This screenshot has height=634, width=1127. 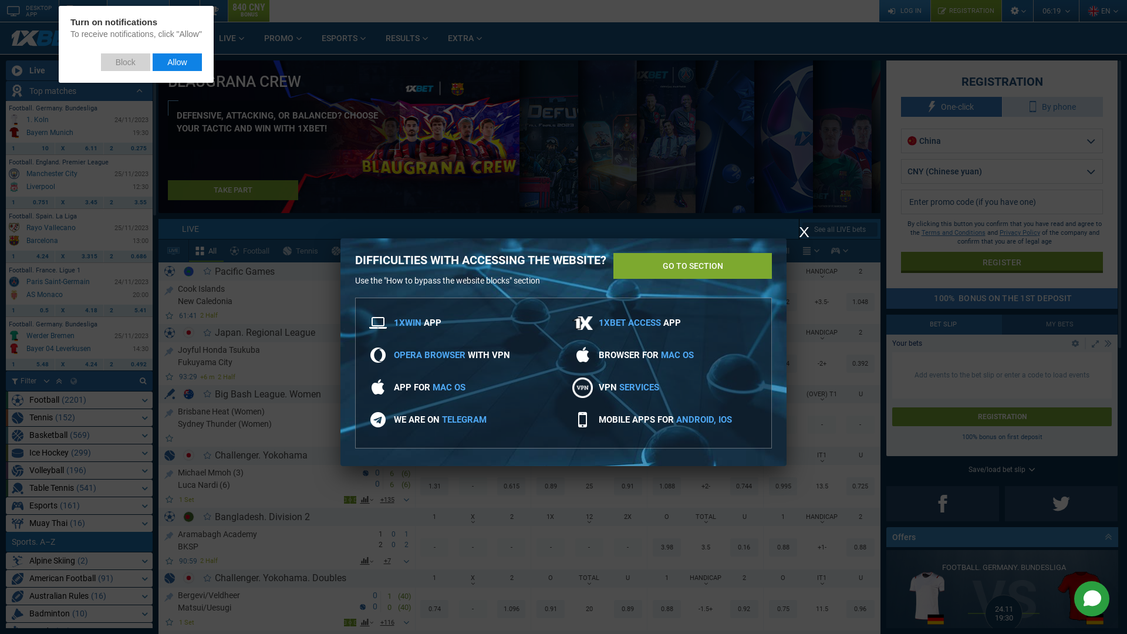 I want to click on '+130', so click(x=387, y=500).